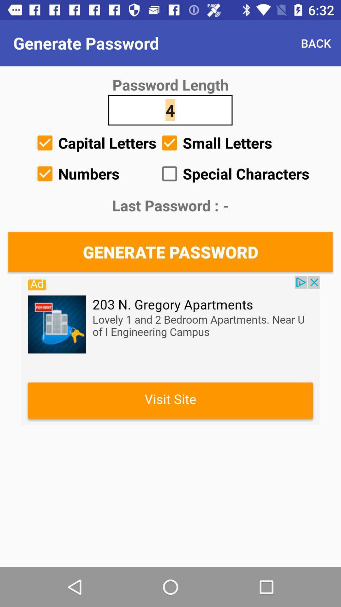 The width and height of the screenshot is (341, 607). What do you see at coordinates (170, 350) in the screenshot?
I see `advertisement` at bounding box center [170, 350].